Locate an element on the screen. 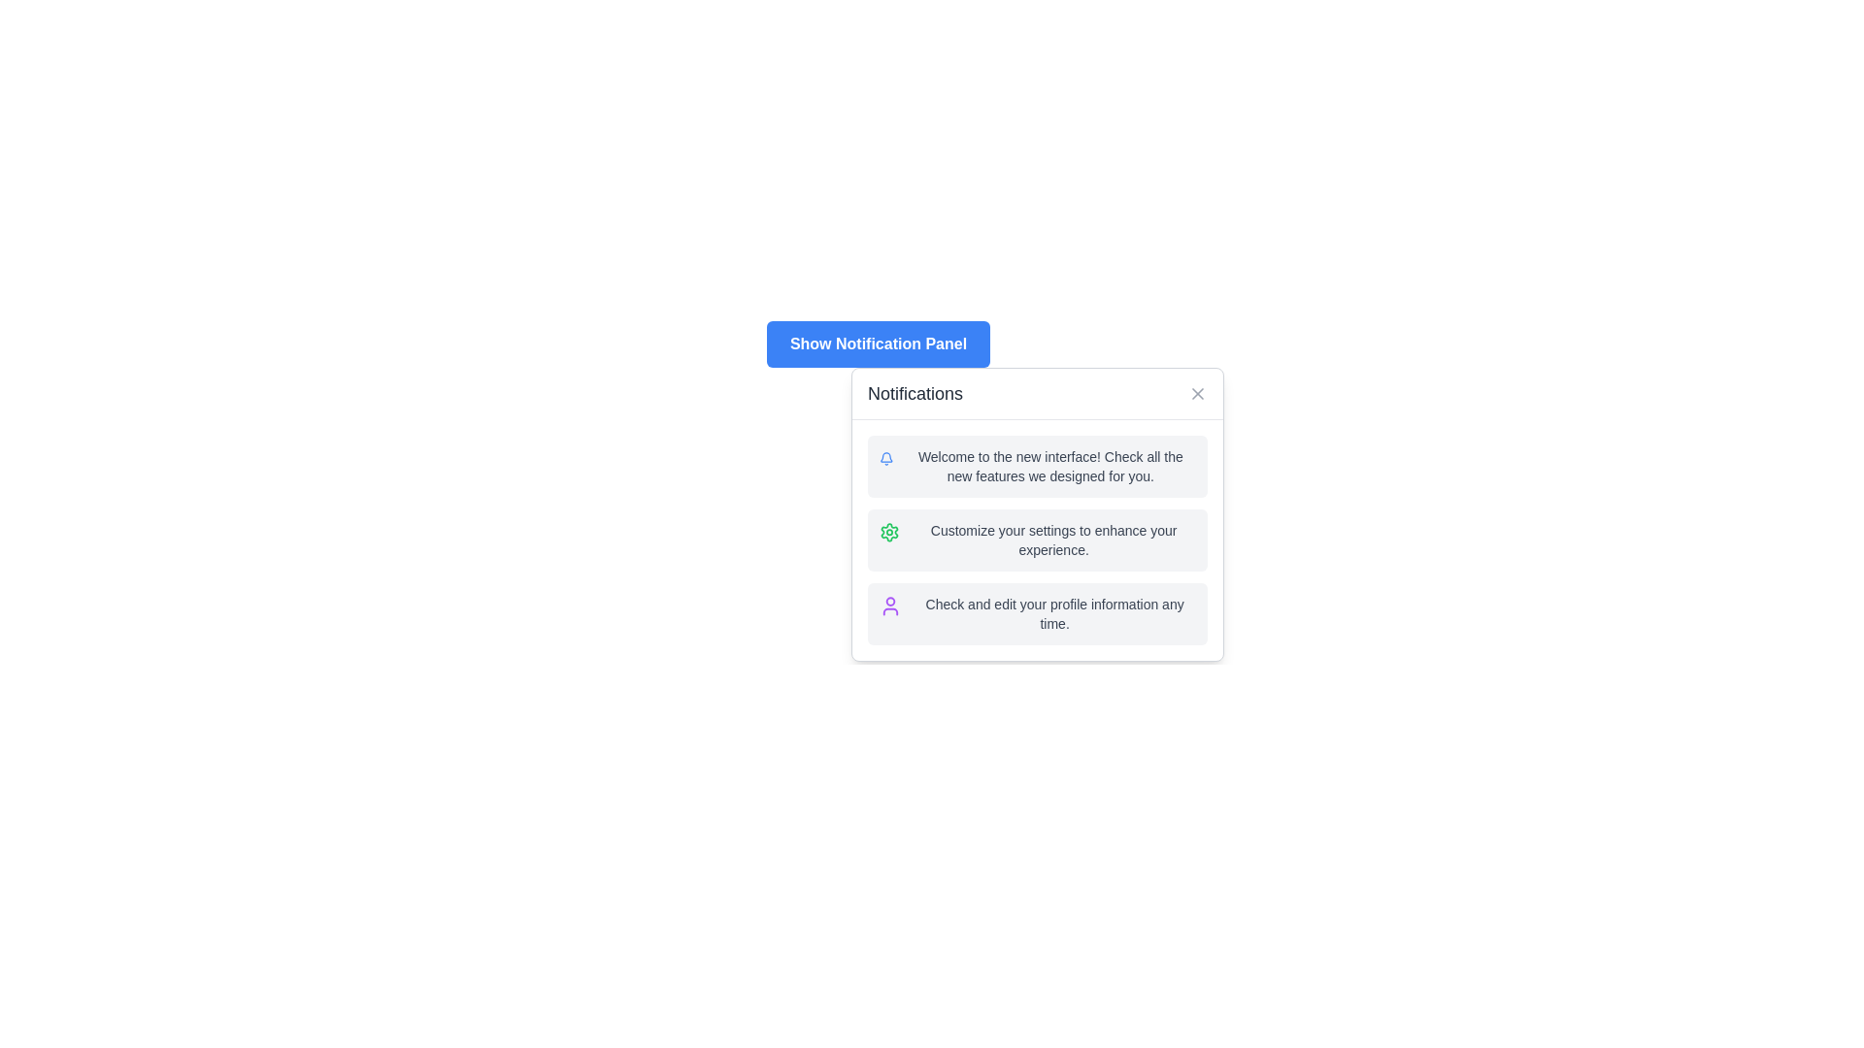 This screenshot has width=1864, height=1048. the text snippet displaying 'Check and edit your profile information any time.' which is styled in small gray font and located under the purple user icon is located at coordinates (1053, 613).